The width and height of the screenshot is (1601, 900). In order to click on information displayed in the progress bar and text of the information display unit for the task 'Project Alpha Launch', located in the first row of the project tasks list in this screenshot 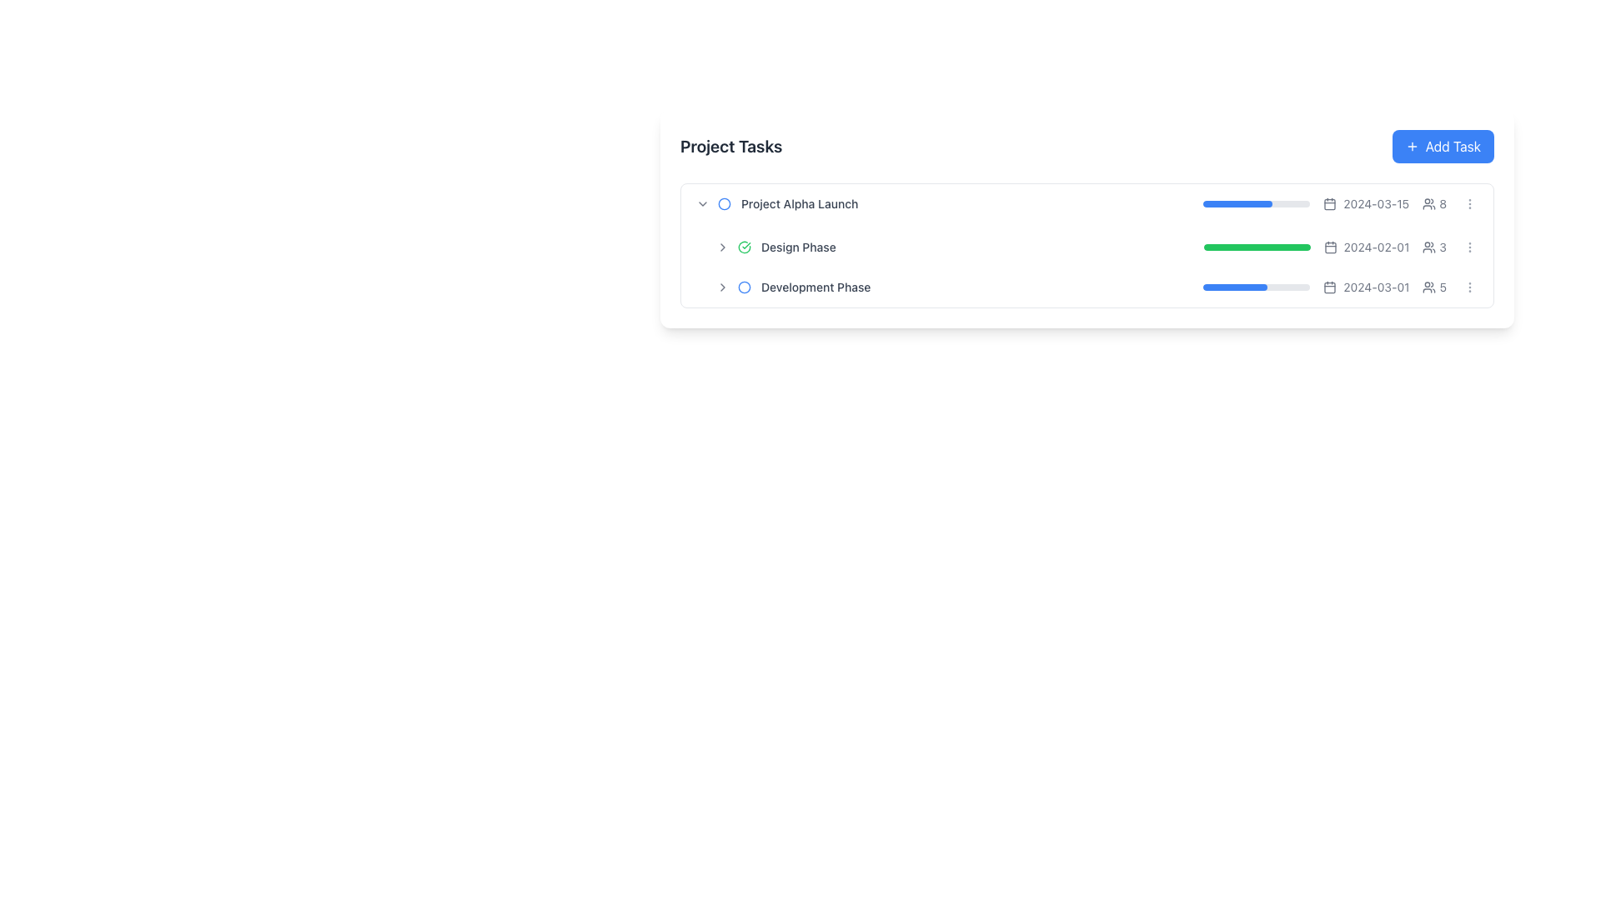, I will do `click(1342, 203)`.